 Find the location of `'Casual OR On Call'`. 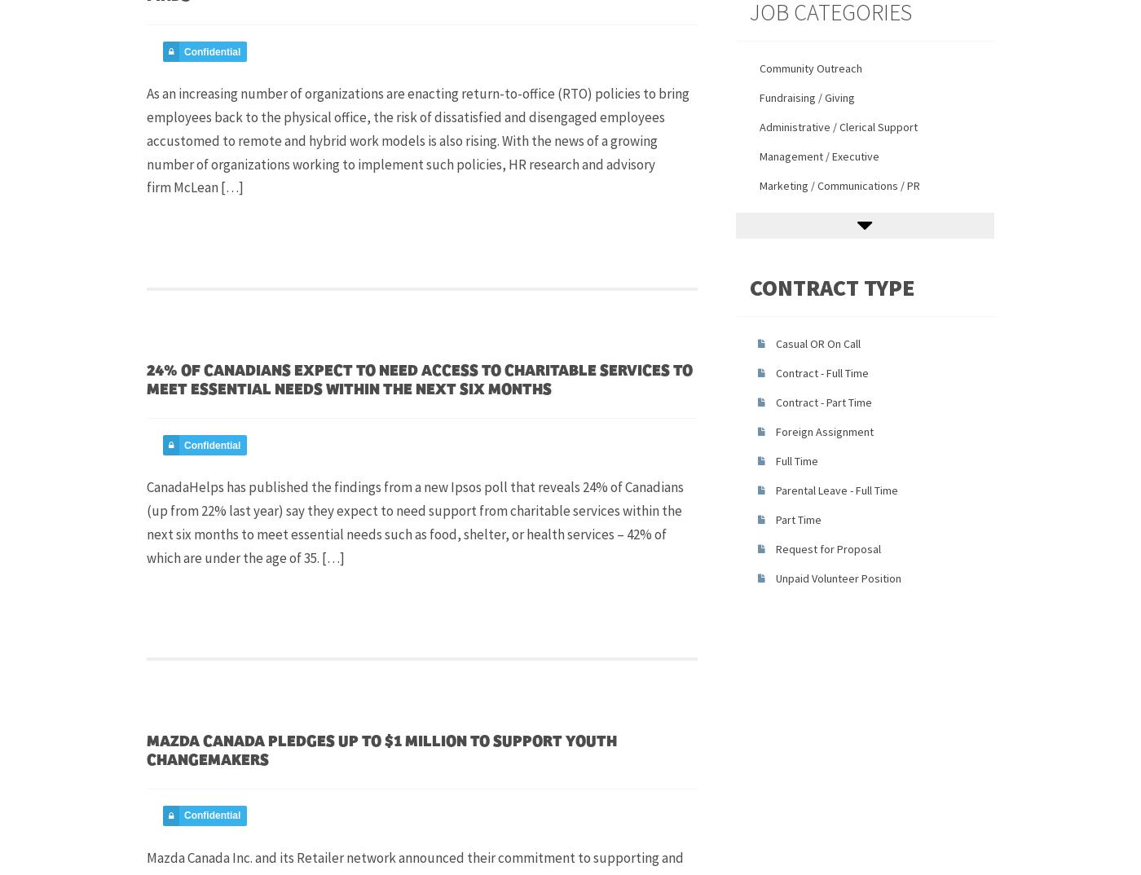

'Casual OR On Call' is located at coordinates (817, 343).